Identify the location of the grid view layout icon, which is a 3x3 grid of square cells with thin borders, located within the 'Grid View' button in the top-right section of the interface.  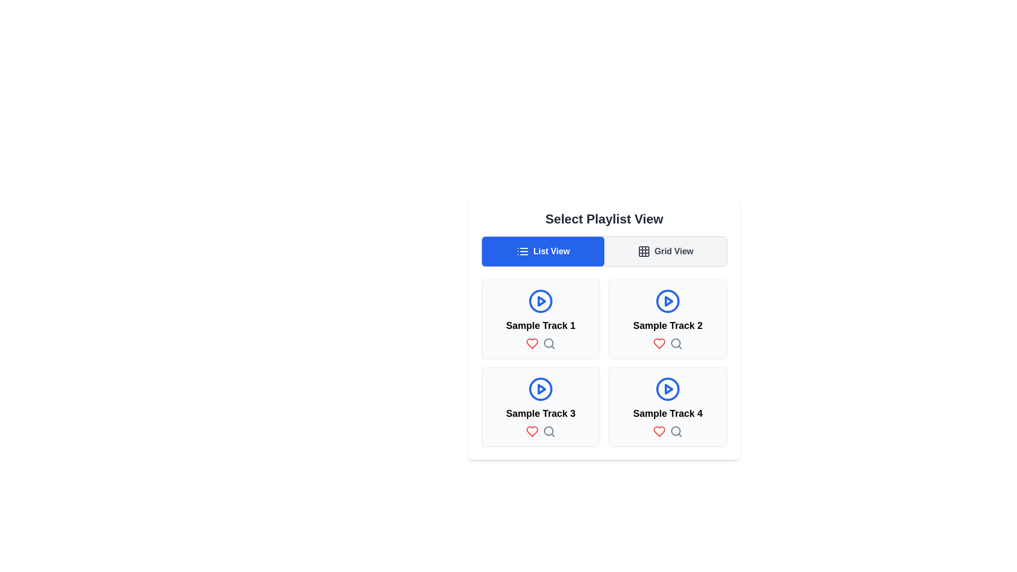
(643, 251).